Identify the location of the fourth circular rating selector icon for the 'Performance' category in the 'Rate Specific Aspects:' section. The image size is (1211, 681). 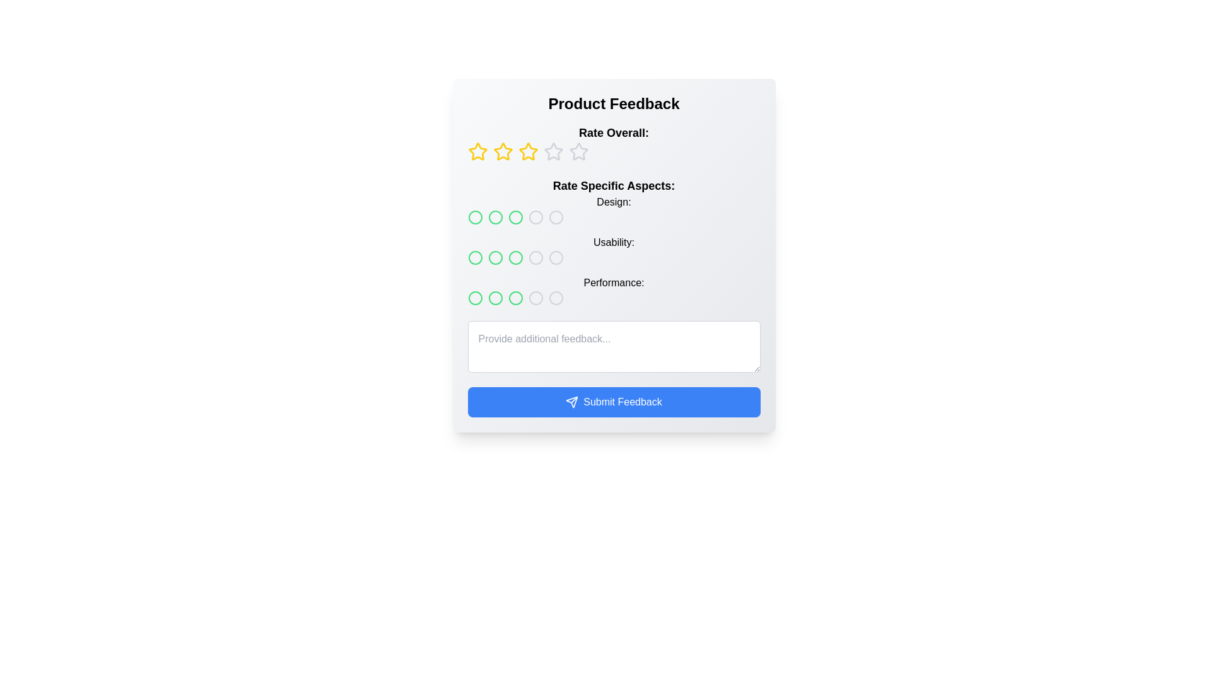
(555, 298).